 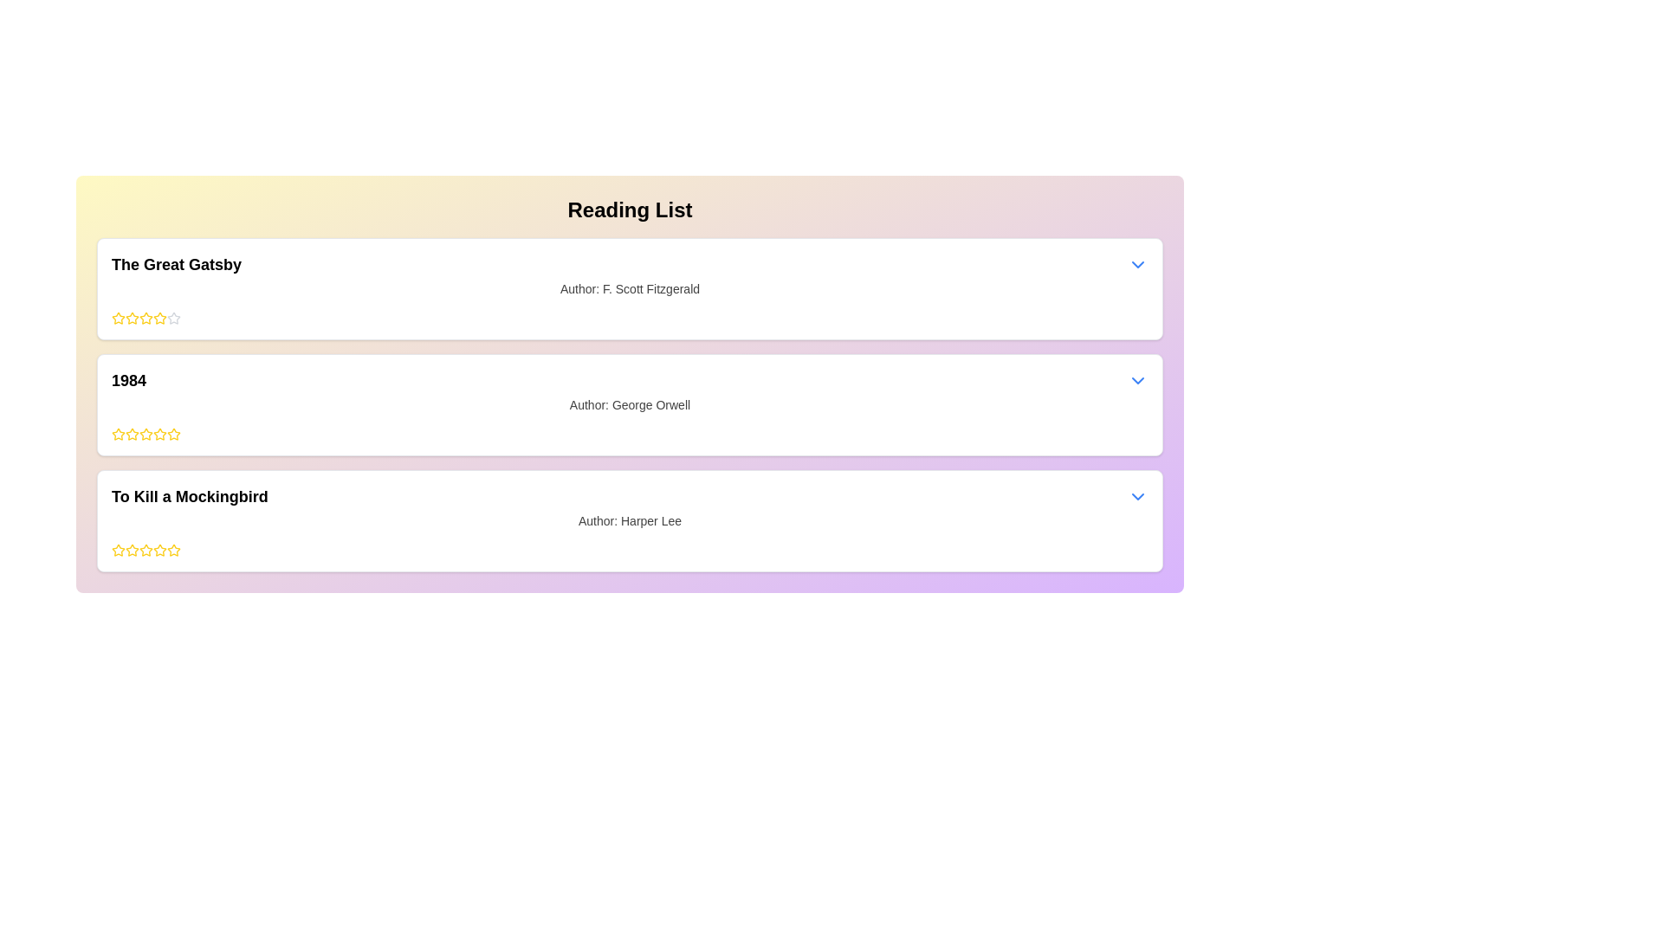 I want to click on the first yellow star icon representing the rating for the book 'To Kill a Mockingbird', so click(x=118, y=551).